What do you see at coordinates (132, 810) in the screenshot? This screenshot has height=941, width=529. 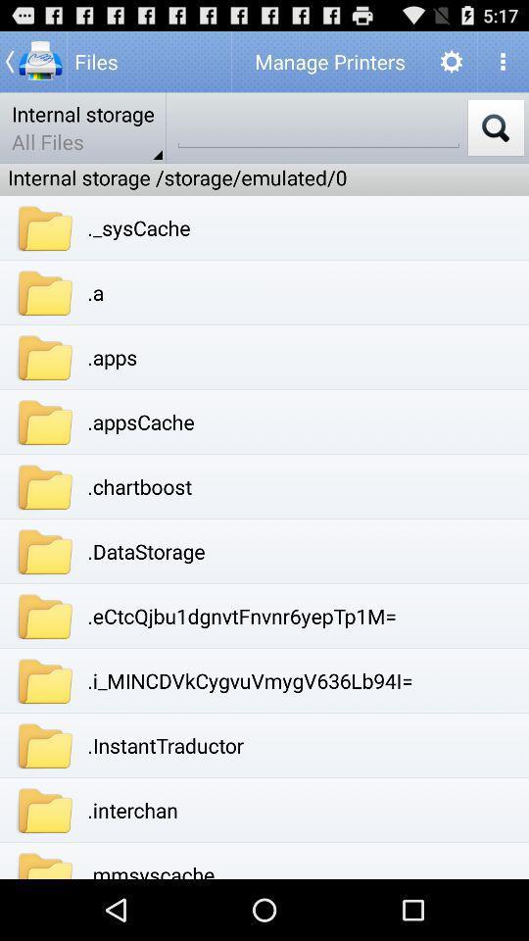 I see `the app above .mmsyscache` at bounding box center [132, 810].